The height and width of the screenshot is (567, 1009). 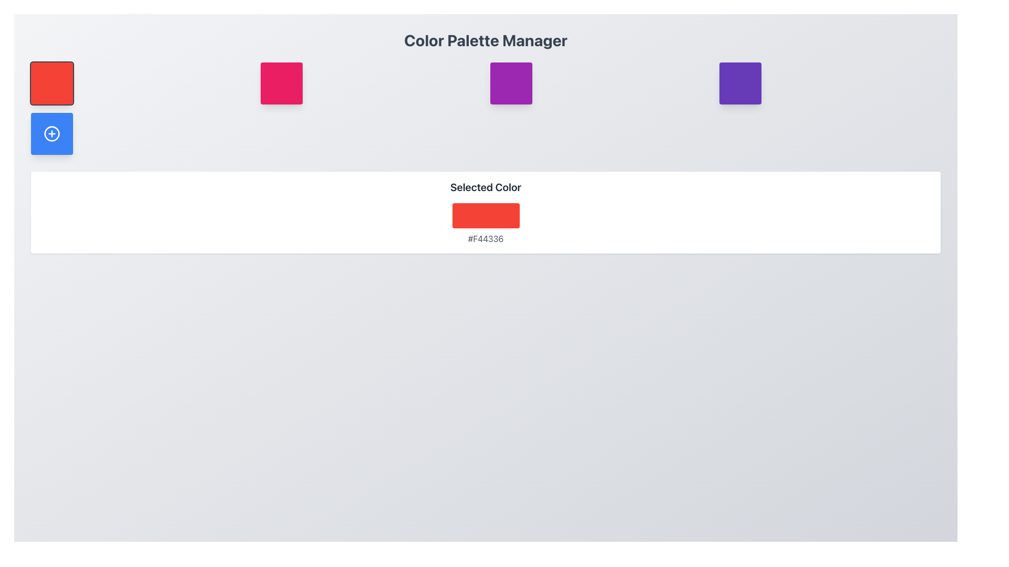 What do you see at coordinates (281, 82) in the screenshot?
I see `the second Selectable Color Box with a vivid pink background` at bounding box center [281, 82].